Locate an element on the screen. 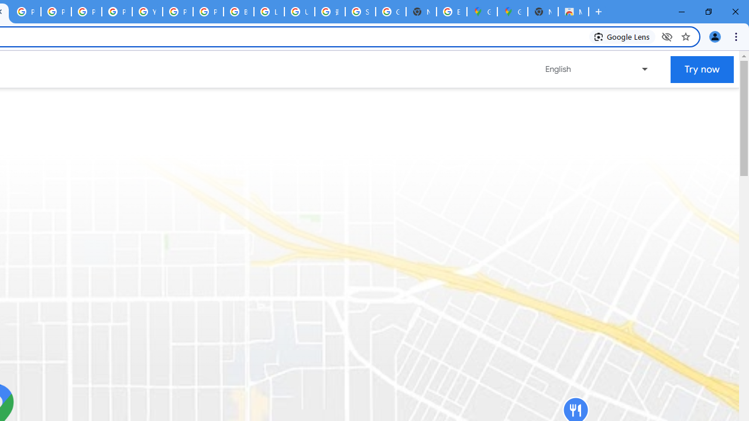 The height and width of the screenshot is (421, 749). 'Privacy Help Center - Policies Help' is located at coordinates (85, 12).